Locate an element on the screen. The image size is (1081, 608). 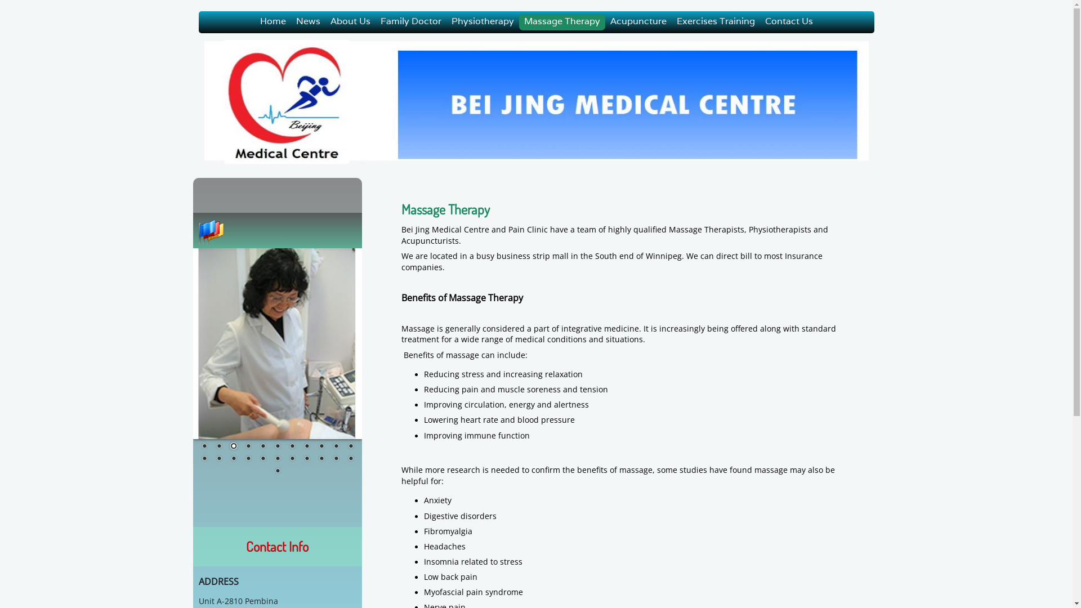
'16' is located at coordinates (262, 459).